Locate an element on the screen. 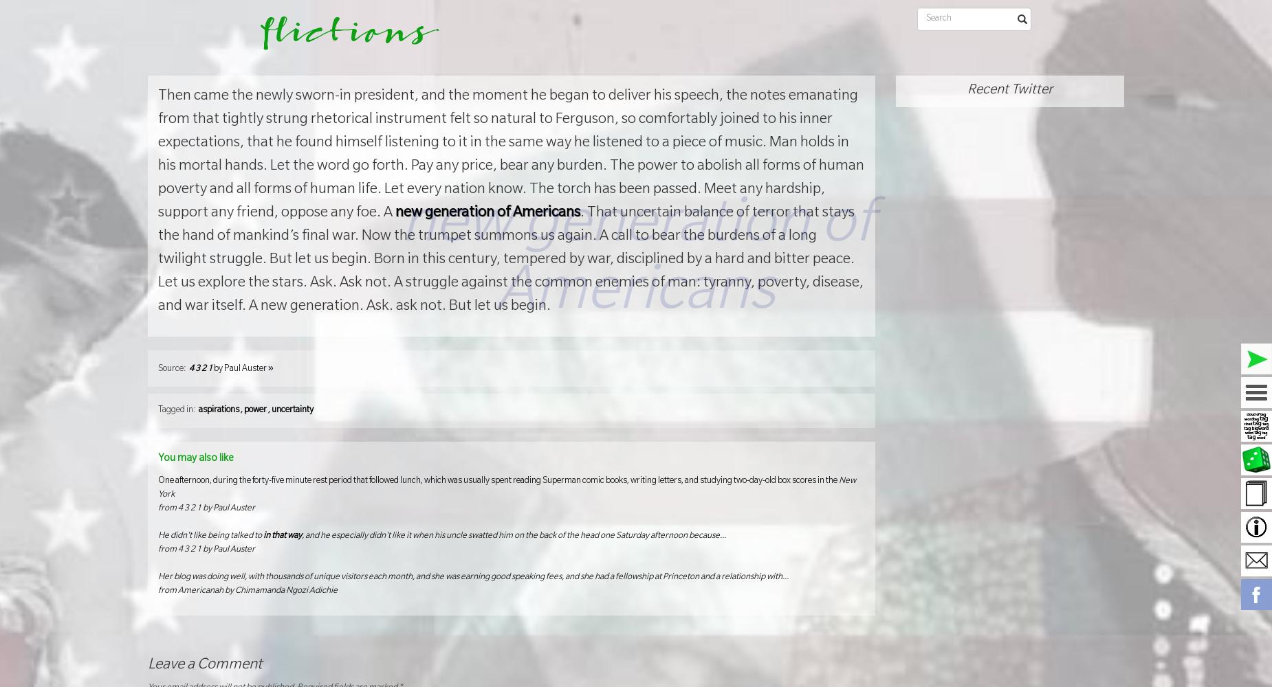 The width and height of the screenshot is (1272, 687). 'Americanah' is located at coordinates (199, 590).